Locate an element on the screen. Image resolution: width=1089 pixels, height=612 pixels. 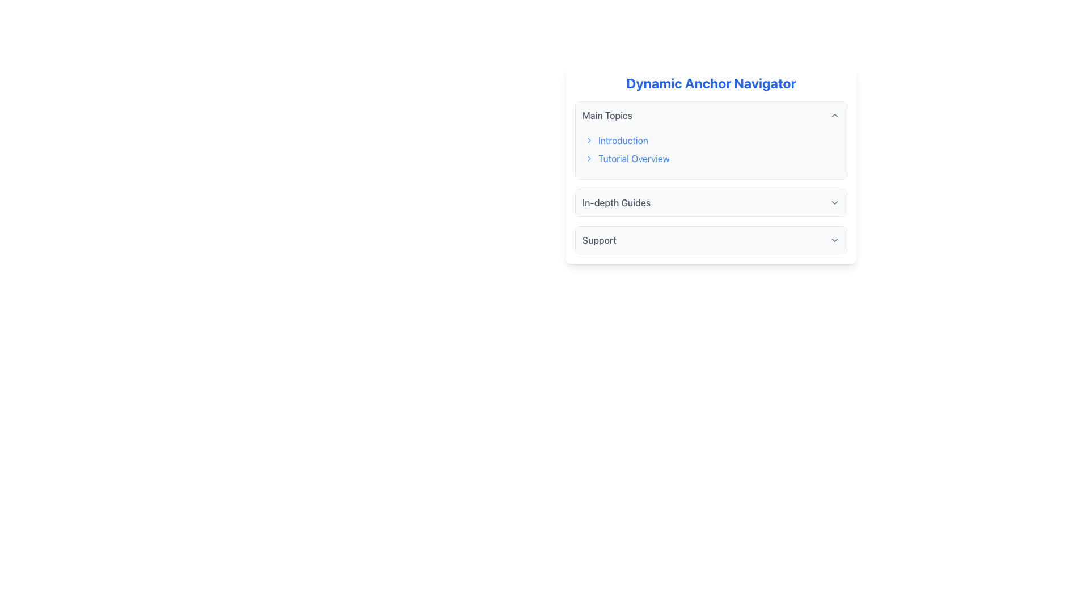
the 'Main Topics' collapsible section is located at coordinates (710, 177).